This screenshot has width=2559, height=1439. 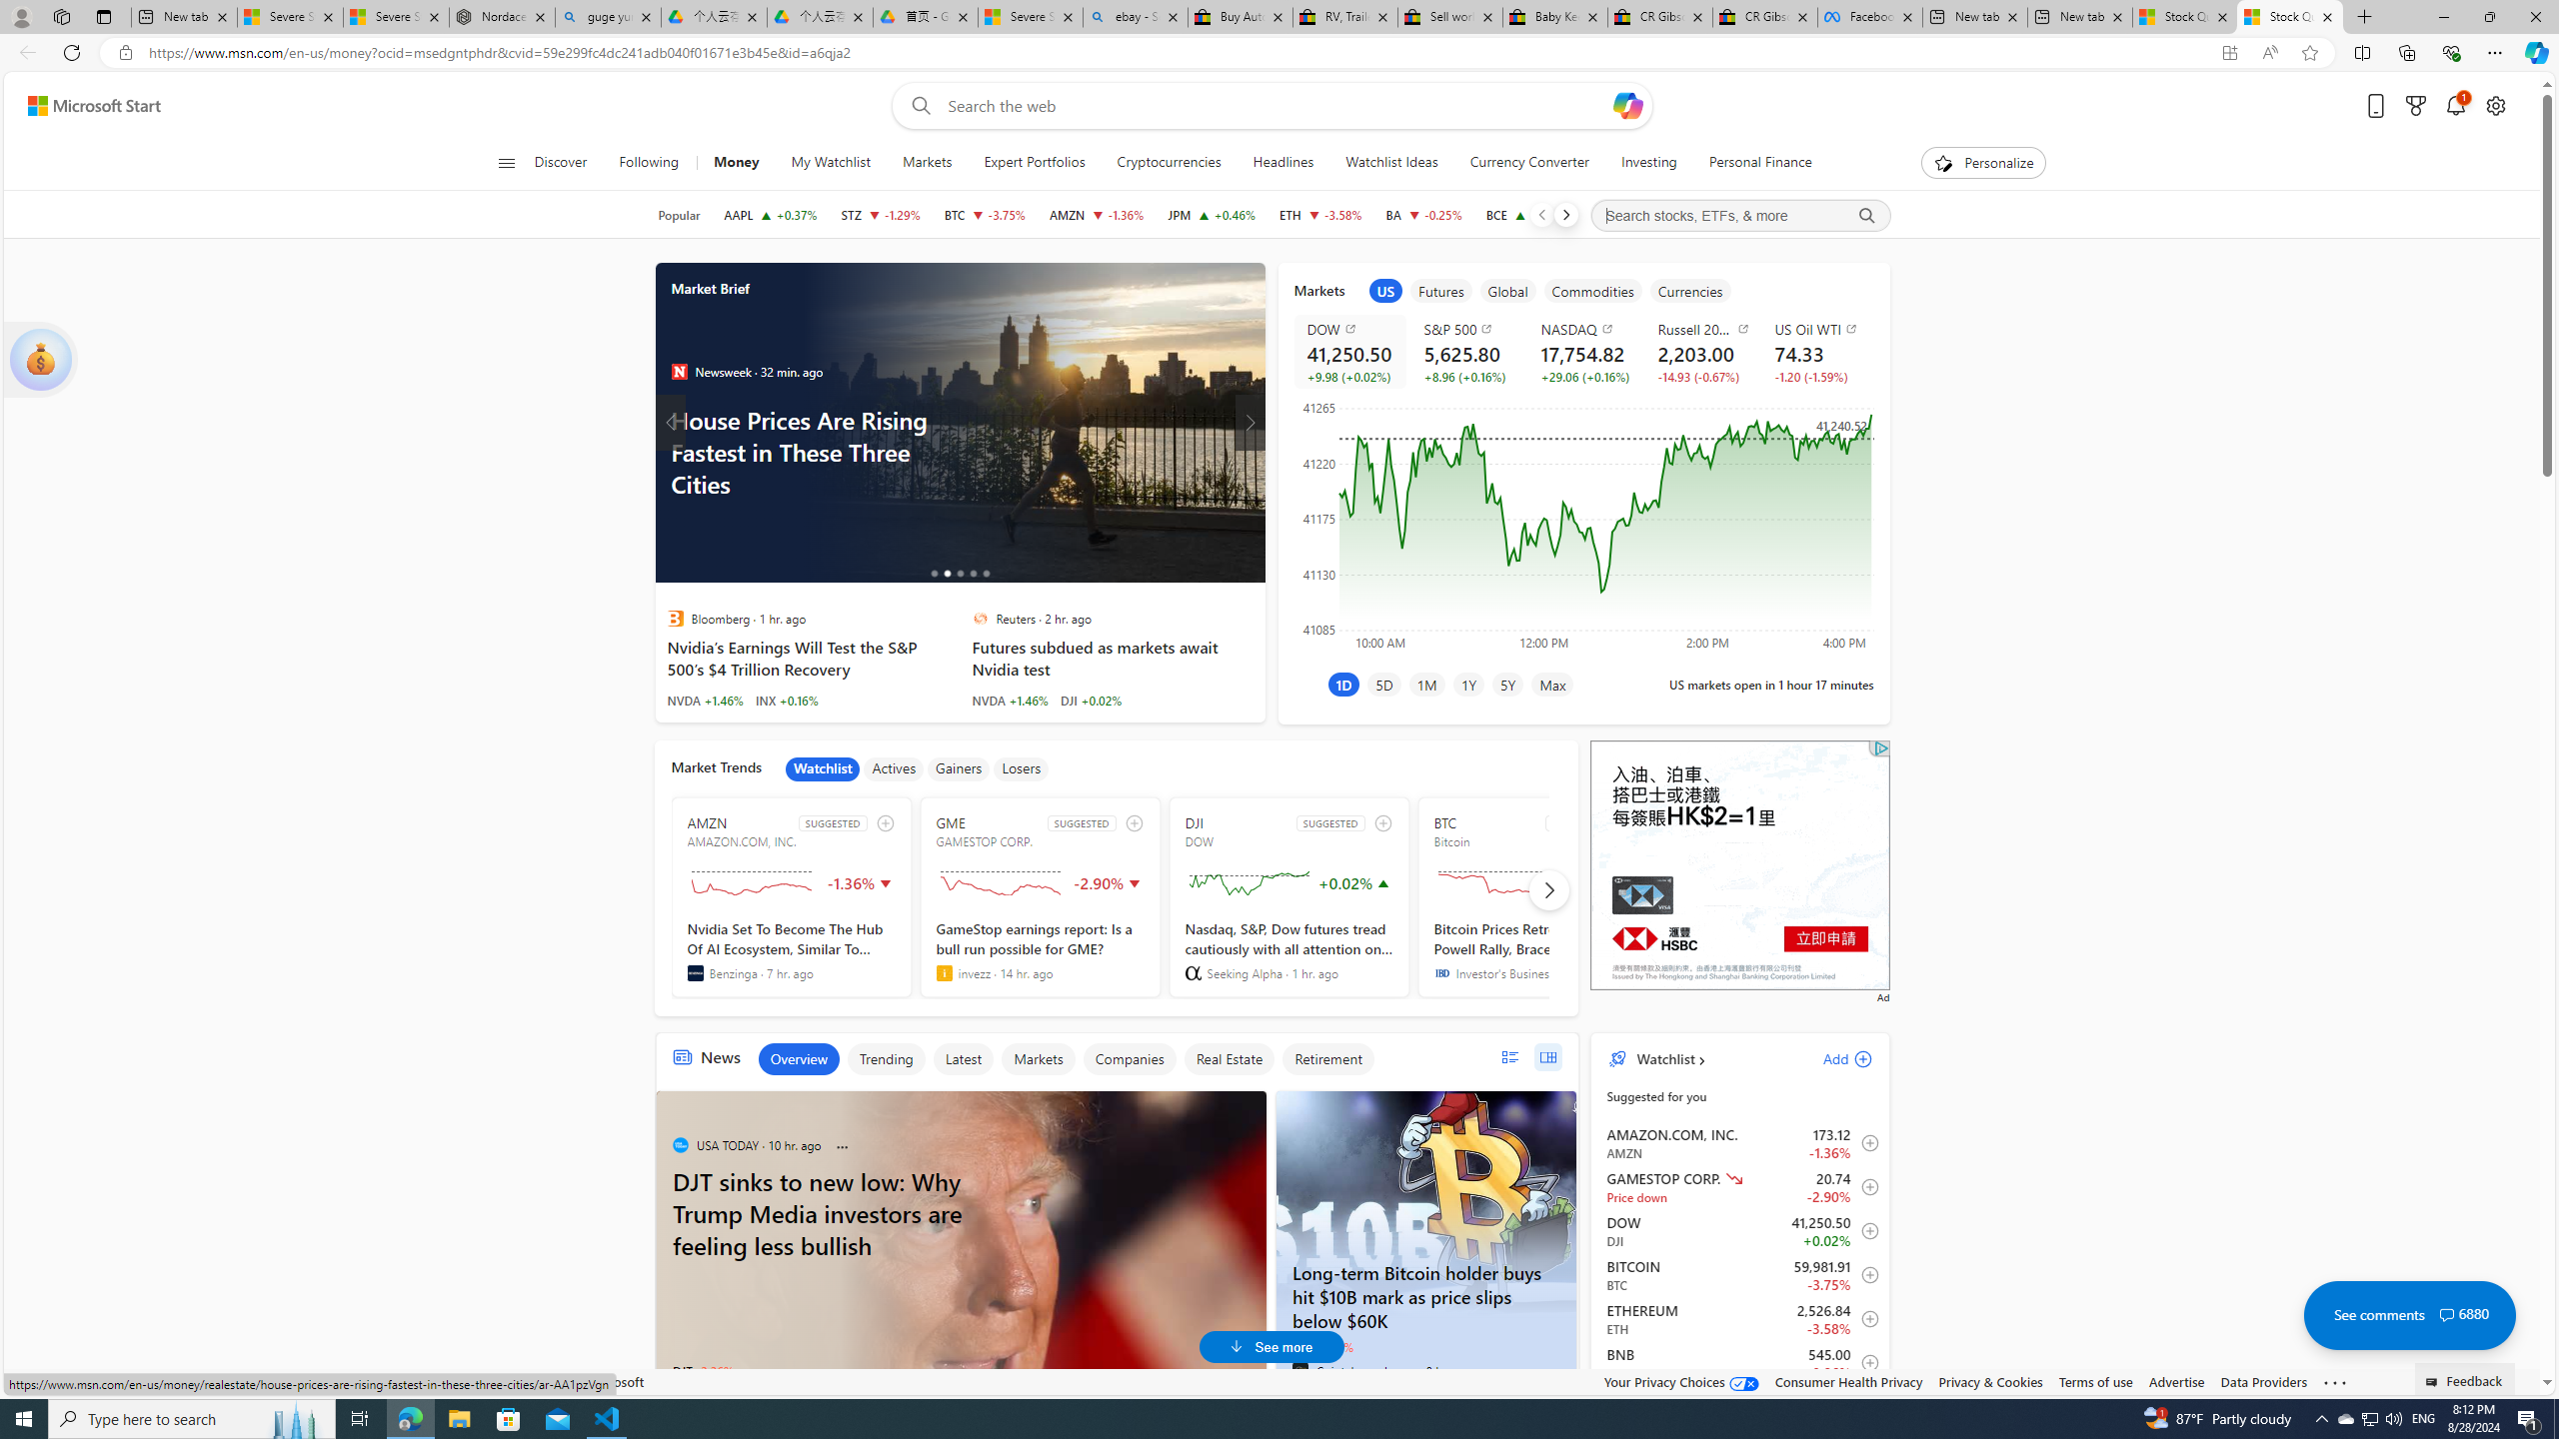 I want to click on 'BNB BNB decrease 545.00 -4.68 -0.86% item5', so click(x=1739, y=1362).